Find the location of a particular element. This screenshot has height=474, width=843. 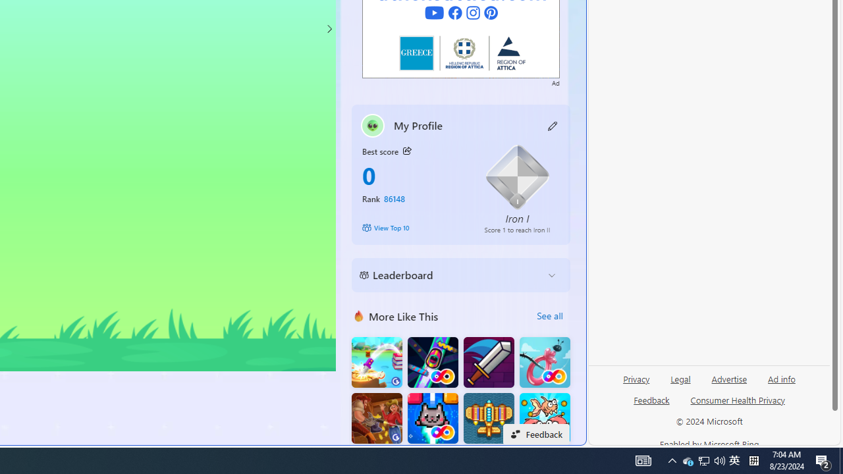

'Atlantic Sky Hunter' is located at coordinates (488, 418).